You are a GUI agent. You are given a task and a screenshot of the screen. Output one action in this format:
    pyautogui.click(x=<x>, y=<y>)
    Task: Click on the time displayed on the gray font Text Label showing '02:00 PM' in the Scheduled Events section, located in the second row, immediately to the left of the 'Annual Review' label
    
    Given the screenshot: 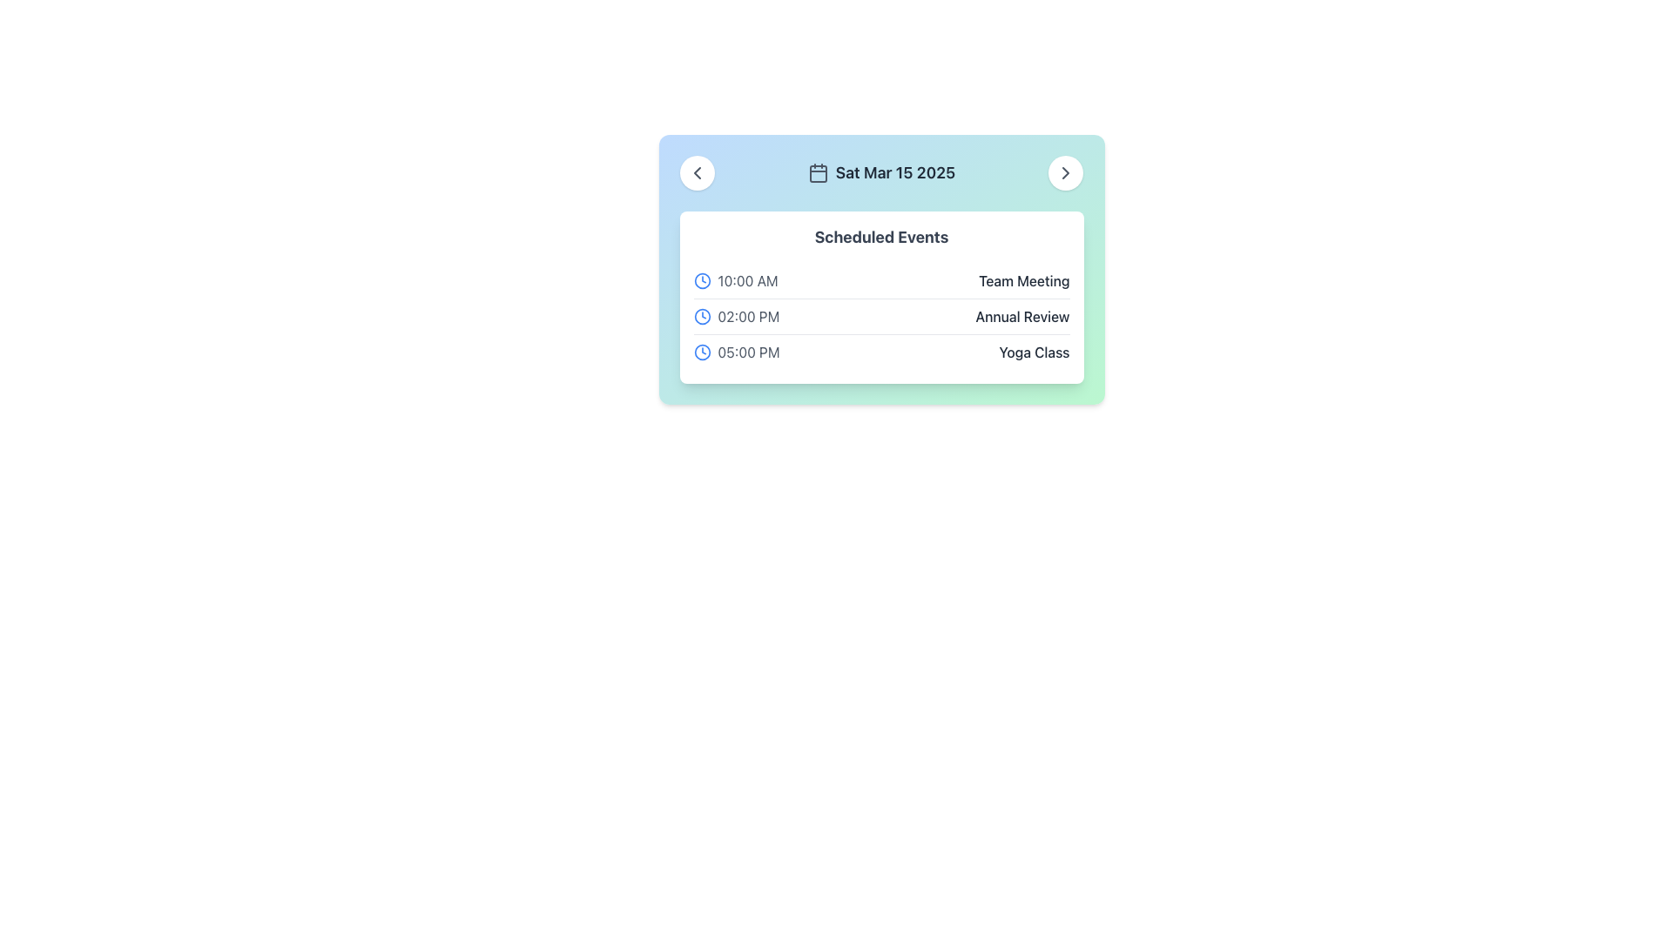 What is the action you would take?
    pyautogui.click(x=736, y=316)
    